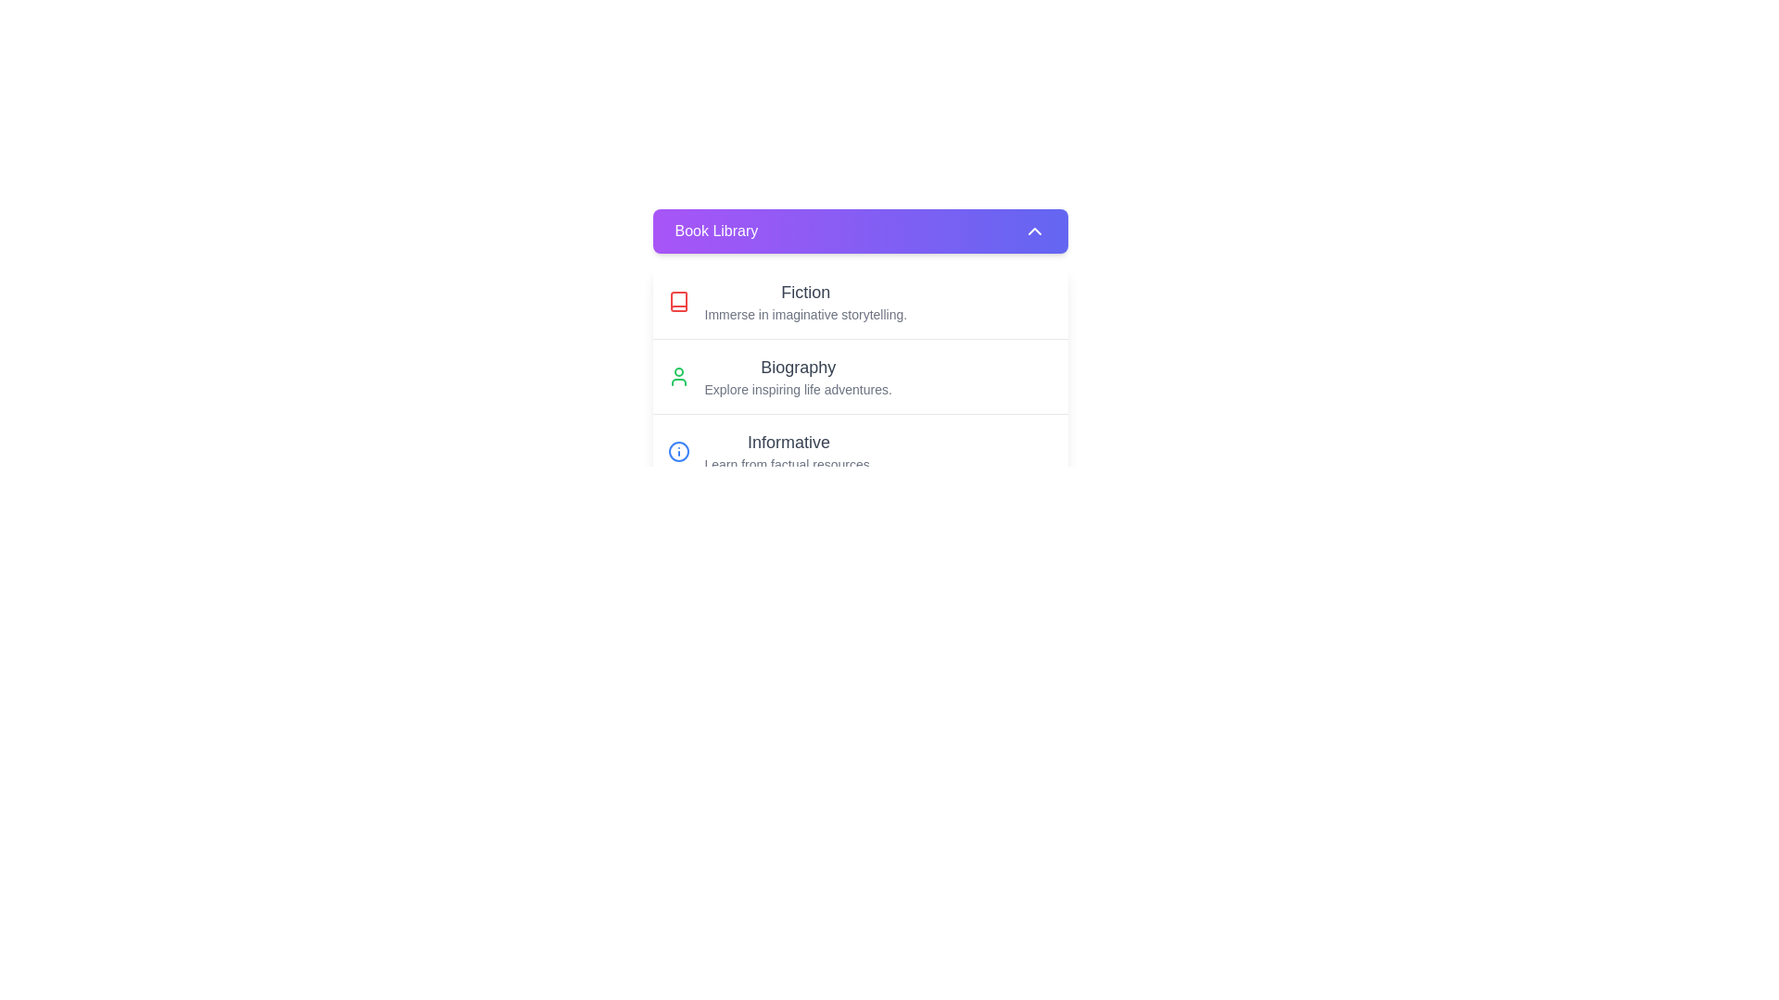 The width and height of the screenshot is (1779, 1000). What do you see at coordinates (798, 368) in the screenshot?
I see `the static text element that serves as a category title or header, located in the middle-right section of the interface` at bounding box center [798, 368].